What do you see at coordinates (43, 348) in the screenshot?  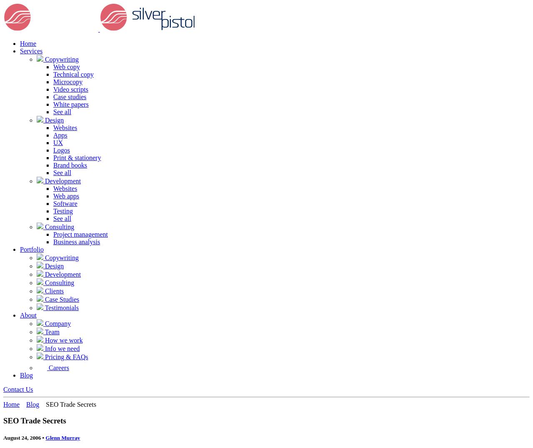 I see `'Info we need'` at bounding box center [43, 348].